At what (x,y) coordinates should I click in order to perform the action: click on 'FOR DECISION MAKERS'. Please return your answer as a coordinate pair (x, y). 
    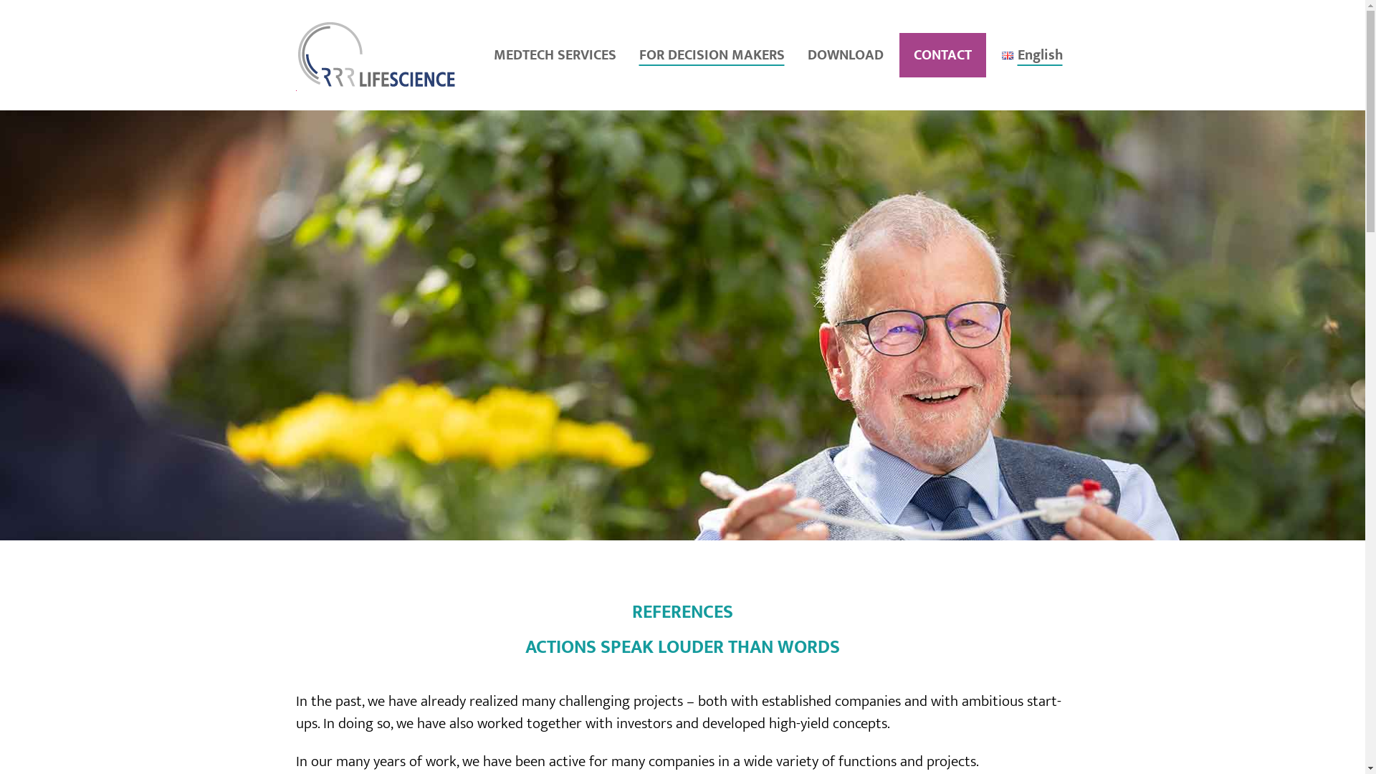
    Looking at the image, I should click on (715, 54).